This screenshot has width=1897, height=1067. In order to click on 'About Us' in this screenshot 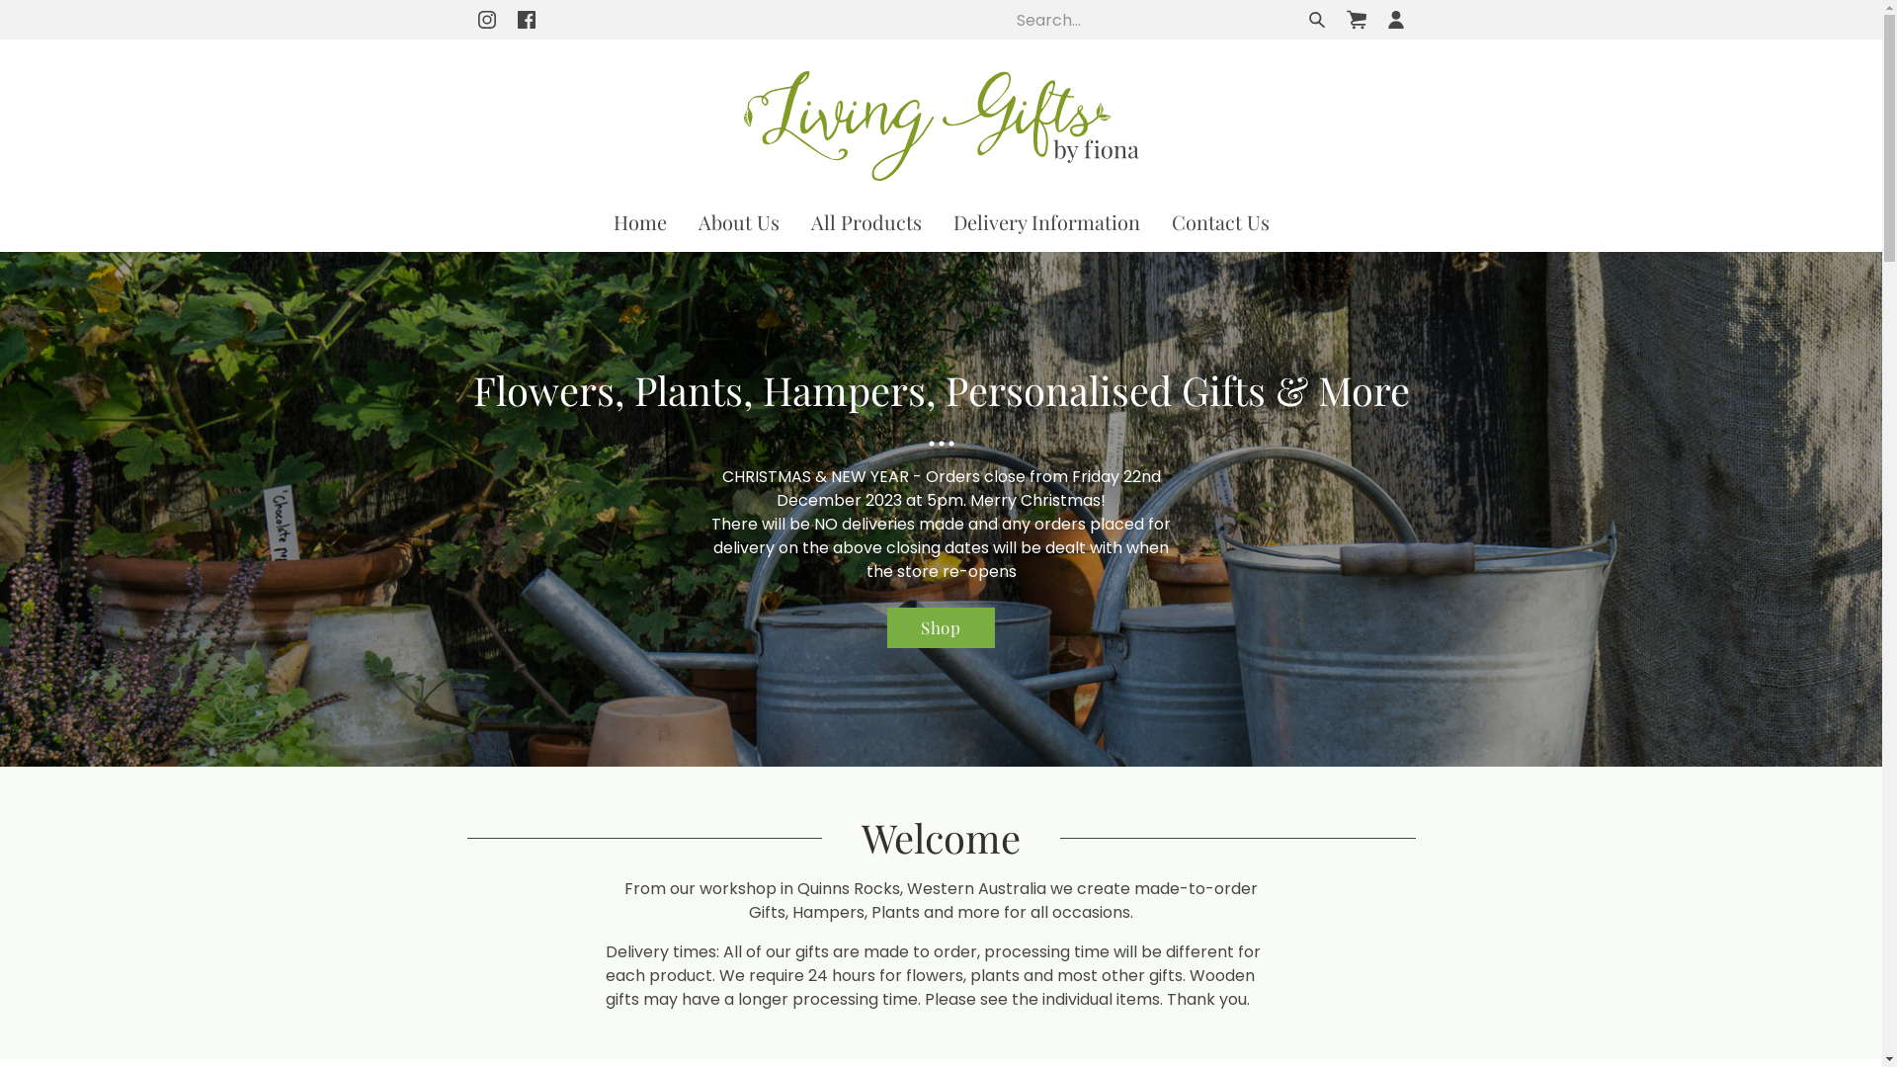, I will do `click(697, 223)`.